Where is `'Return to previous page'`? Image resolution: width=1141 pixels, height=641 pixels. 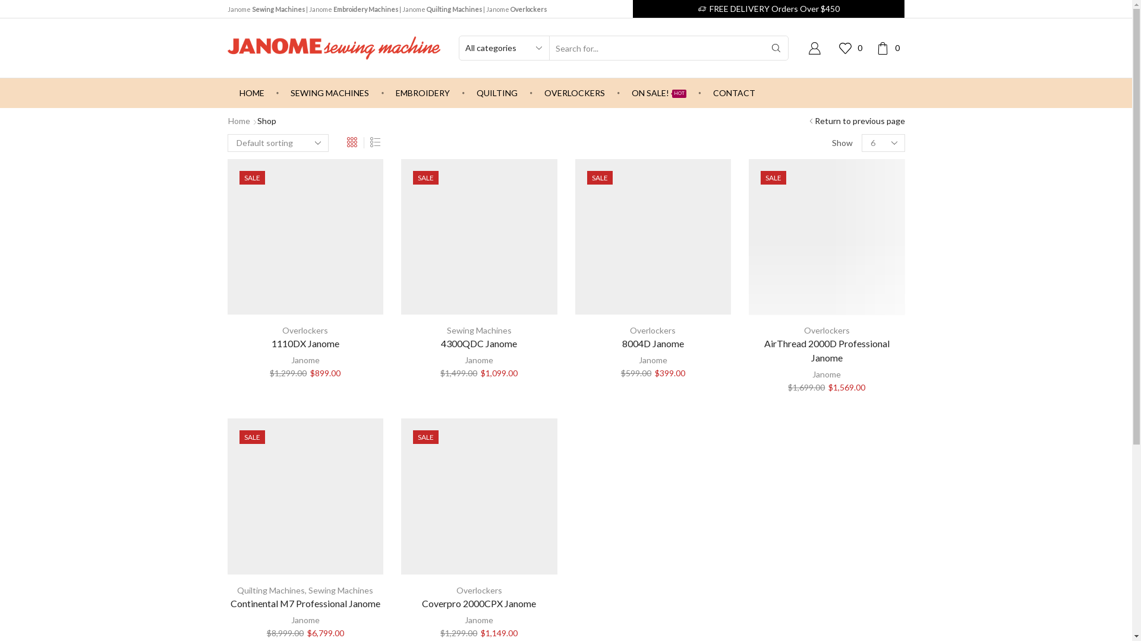 'Return to previous page' is located at coordinates (859, 121).